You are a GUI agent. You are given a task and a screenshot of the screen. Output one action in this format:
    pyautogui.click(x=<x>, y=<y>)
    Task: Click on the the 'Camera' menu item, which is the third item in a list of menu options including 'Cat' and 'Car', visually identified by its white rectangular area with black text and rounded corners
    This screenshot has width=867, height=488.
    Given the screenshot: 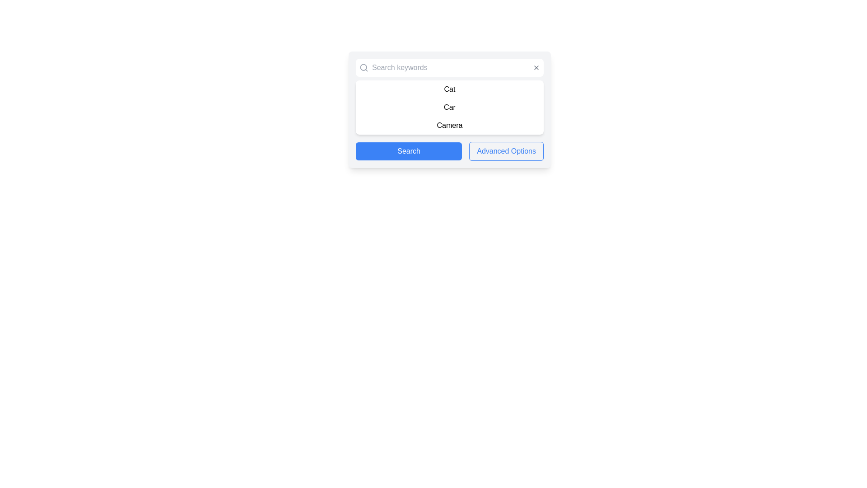 What is the action you would take?
    pyautogui.click(x=450, y=125)
    